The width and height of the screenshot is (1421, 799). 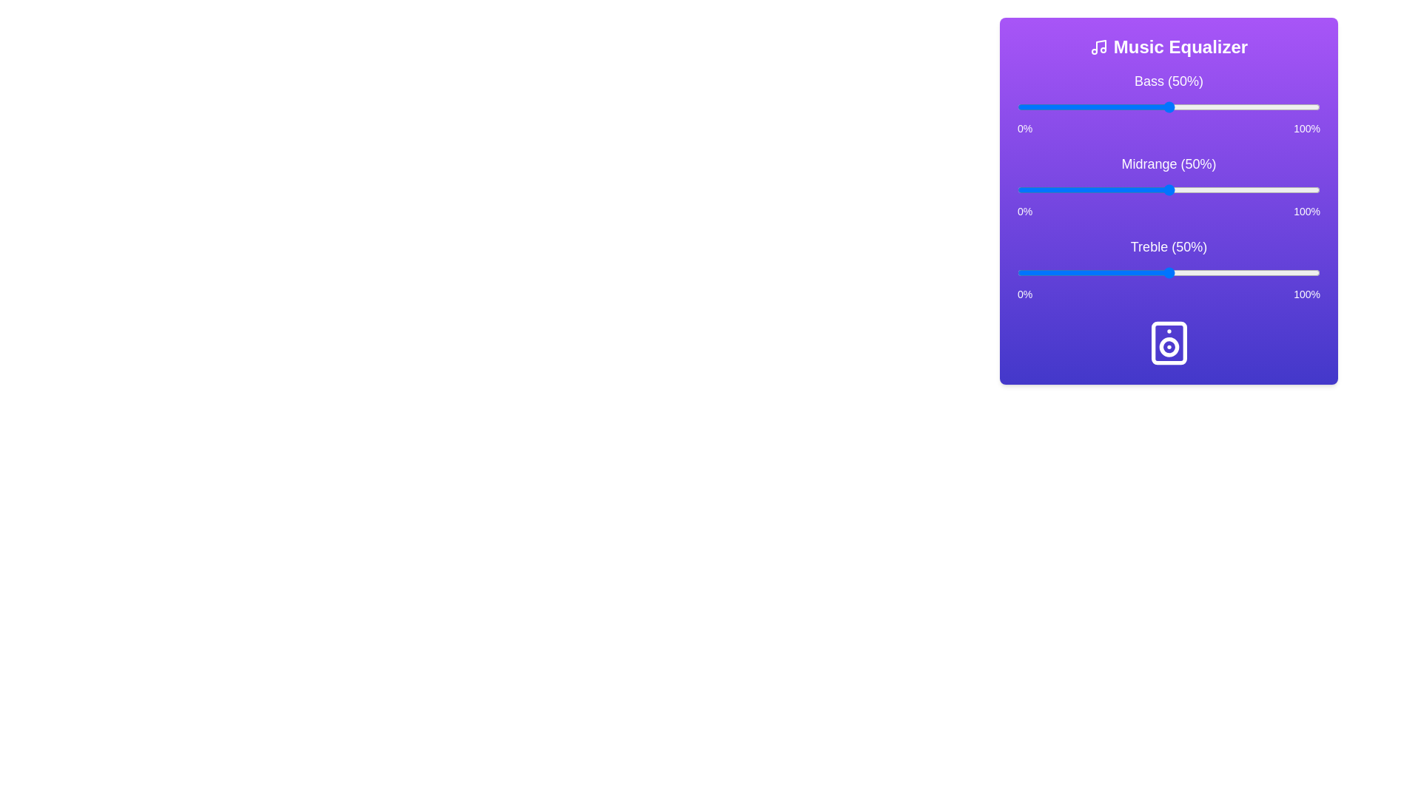 What do you see at coordinates (1283, 107) in the screenshot?
I see `the bass slider to 88%` at bounding box center [1283, 107].